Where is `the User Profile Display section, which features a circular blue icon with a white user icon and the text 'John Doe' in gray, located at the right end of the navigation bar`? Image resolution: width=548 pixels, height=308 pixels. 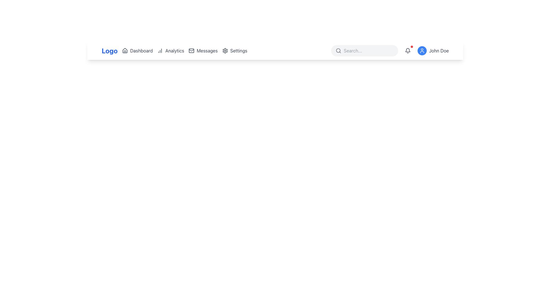
the User Profile Display section, which features a circular blue icon with a white user icon and the text 'John Doe' in gray, located at the right end of the navigation bar is located at coordinates (433, 50).